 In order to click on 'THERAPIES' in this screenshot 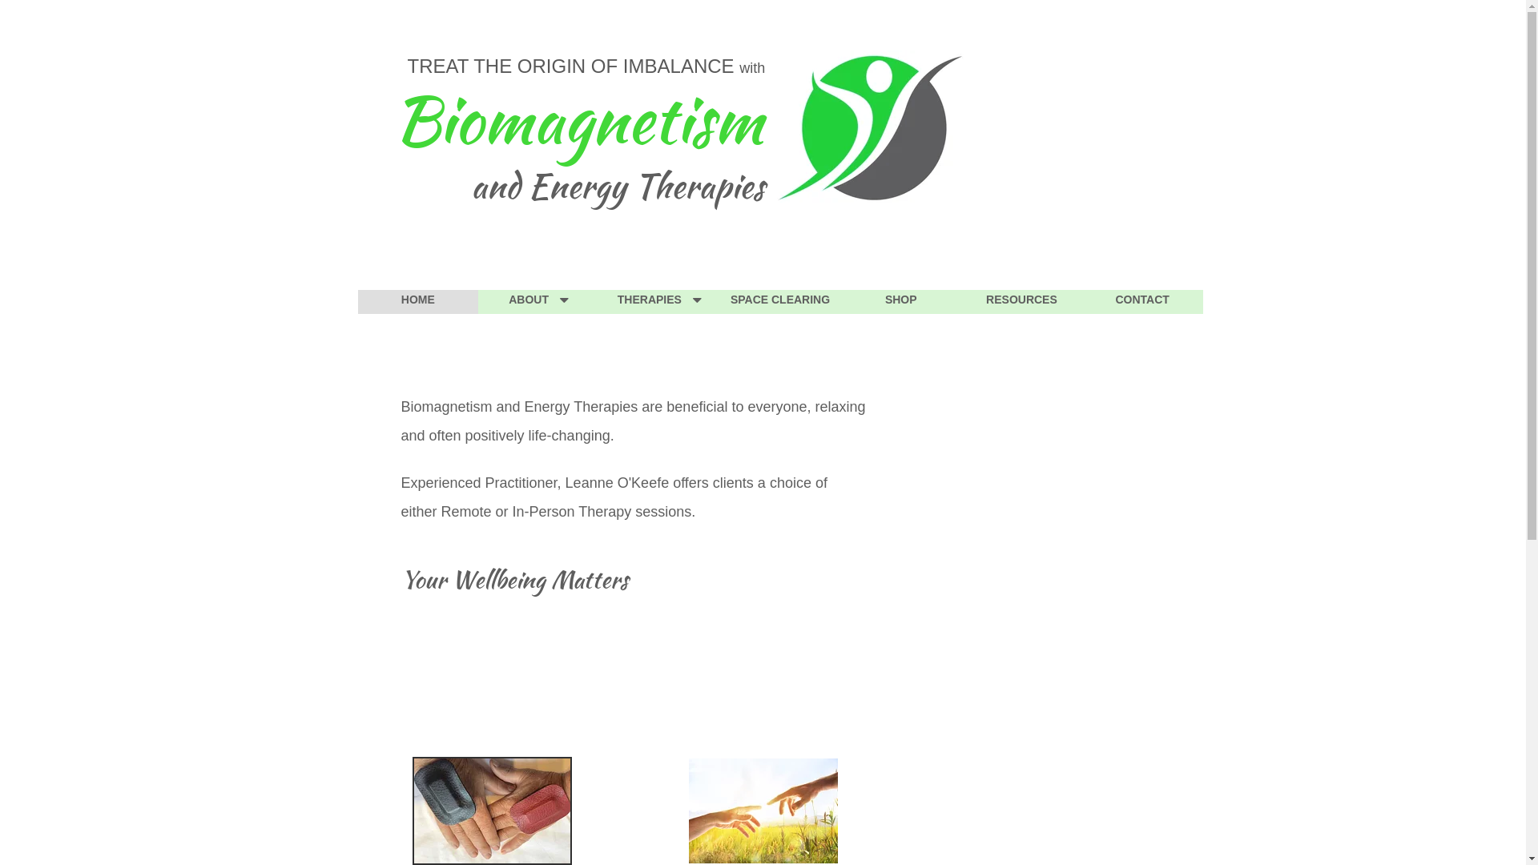, I will do `click(598, 302)`.